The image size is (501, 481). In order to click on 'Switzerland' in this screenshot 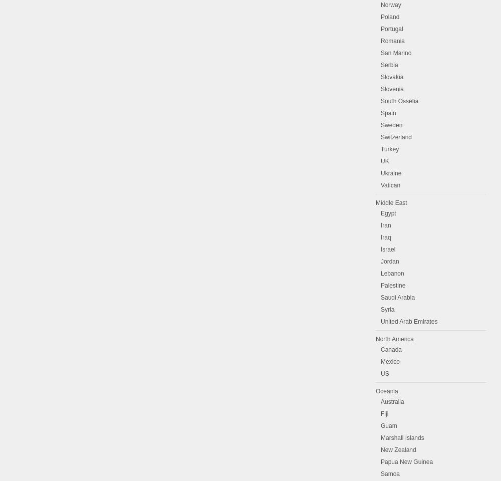, I will do `click(396, 136)`.